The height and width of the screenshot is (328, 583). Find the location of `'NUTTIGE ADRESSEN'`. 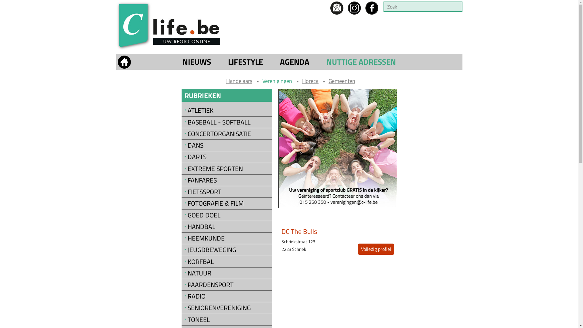

'NUTTIGE ADRESSEN' is located at coordinates (361, 62).